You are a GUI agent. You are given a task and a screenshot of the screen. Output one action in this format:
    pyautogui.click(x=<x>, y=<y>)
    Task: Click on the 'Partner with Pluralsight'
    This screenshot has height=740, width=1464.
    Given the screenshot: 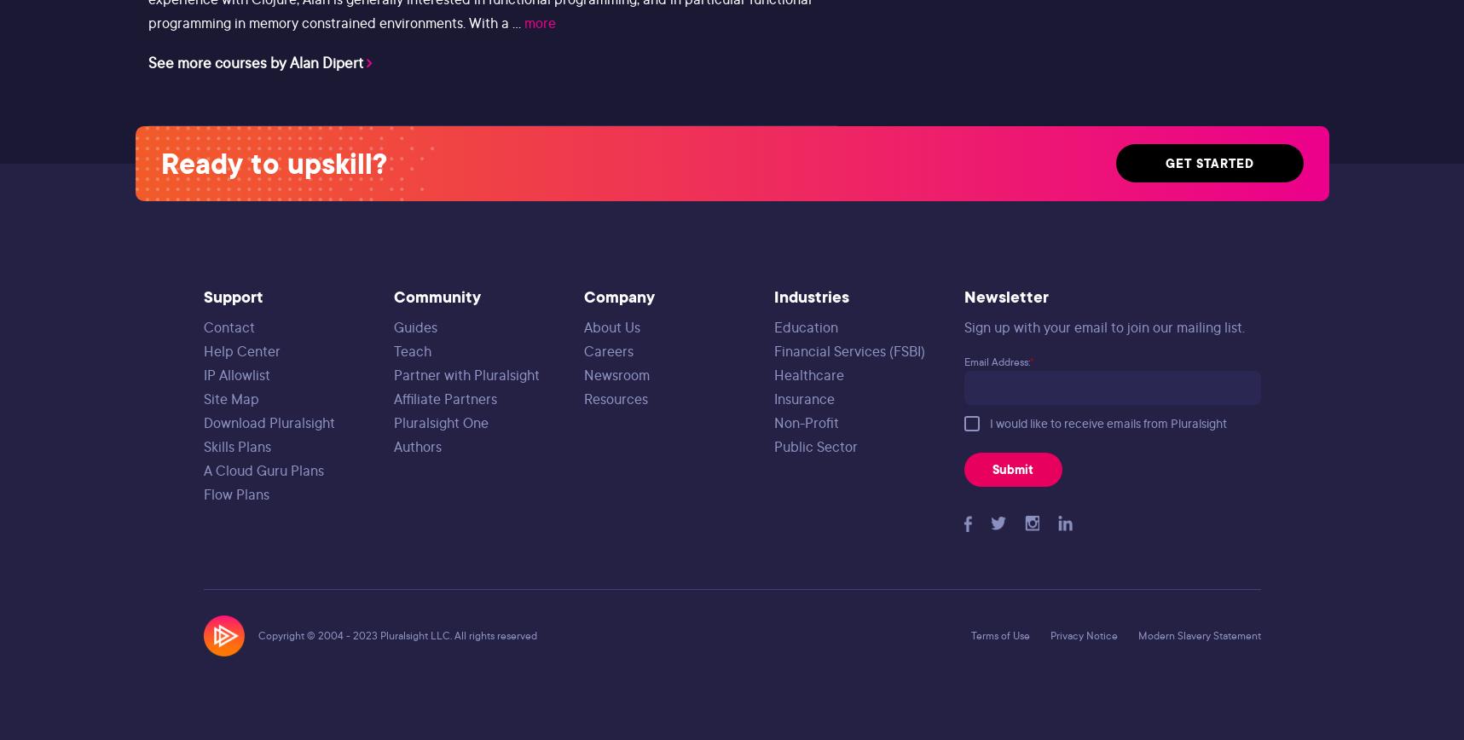 What is the action you would take?
    pyautogui.click(x=392, y=373)
    